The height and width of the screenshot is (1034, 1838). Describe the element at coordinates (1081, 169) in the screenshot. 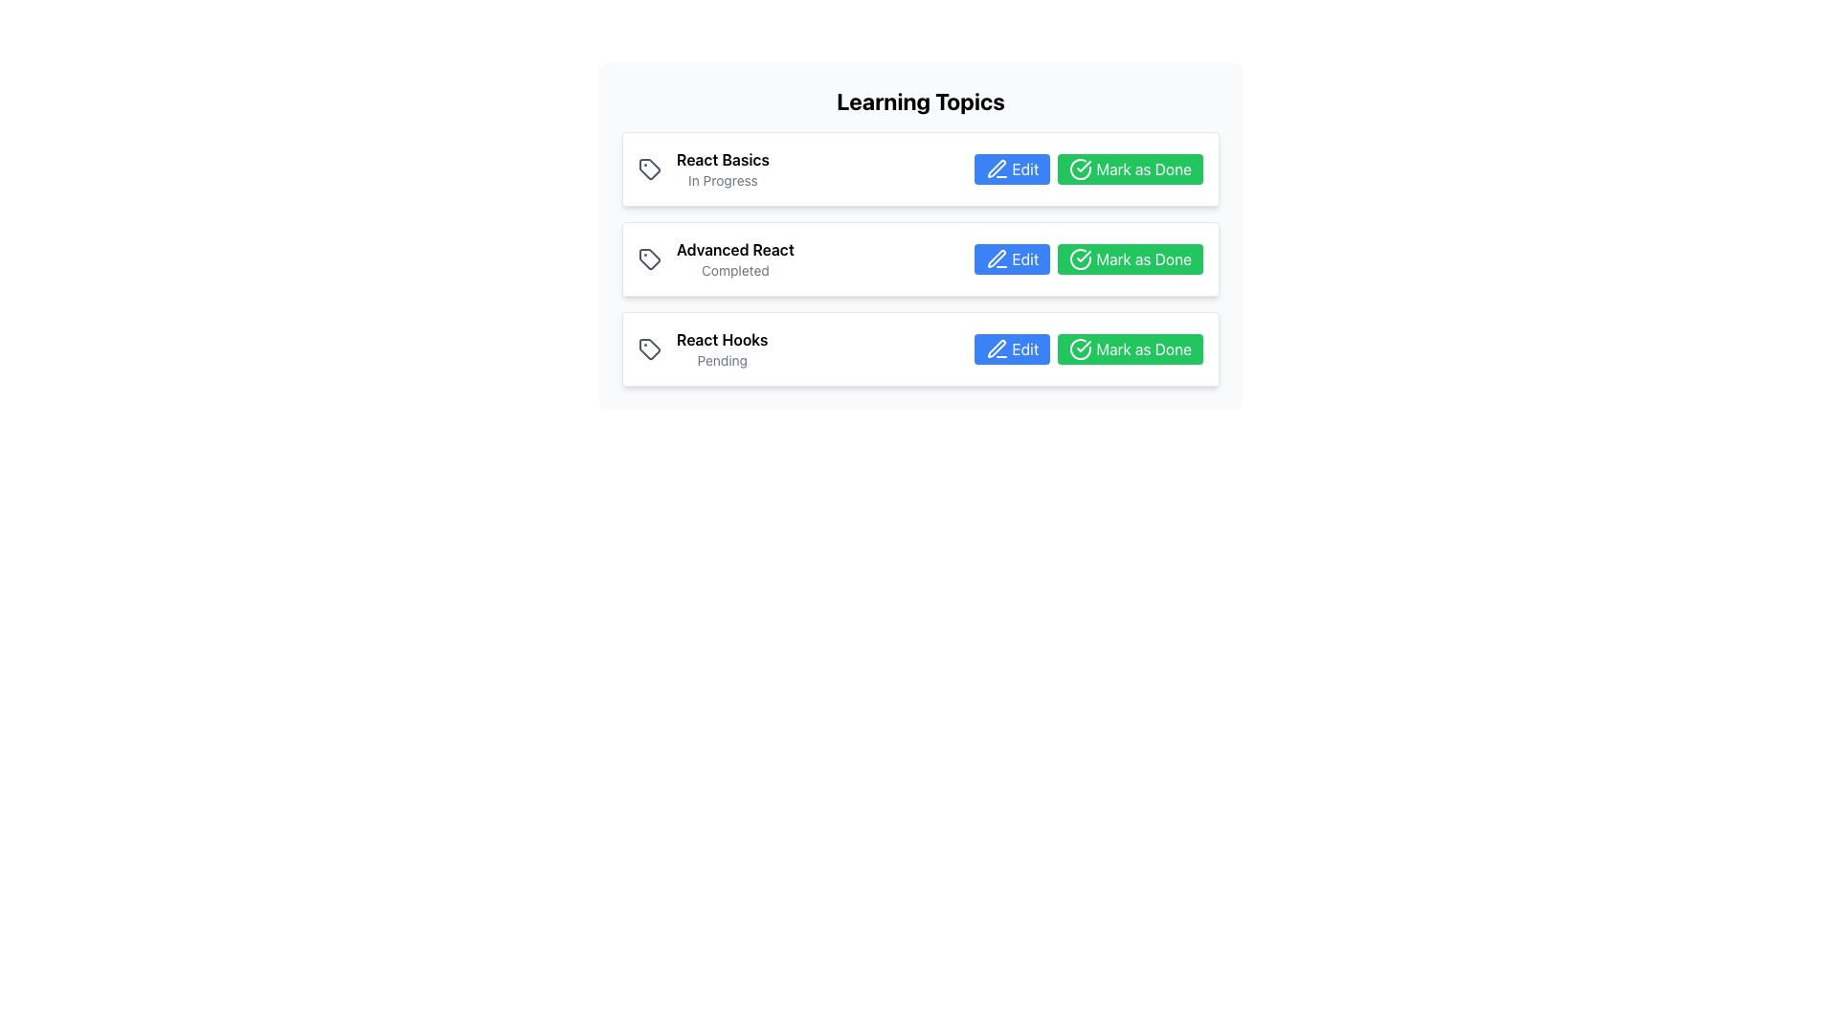

I see `the checkmark segment of the SVG icon representing the 'Mark as Done' button in the 'React Basics' row` at that location.